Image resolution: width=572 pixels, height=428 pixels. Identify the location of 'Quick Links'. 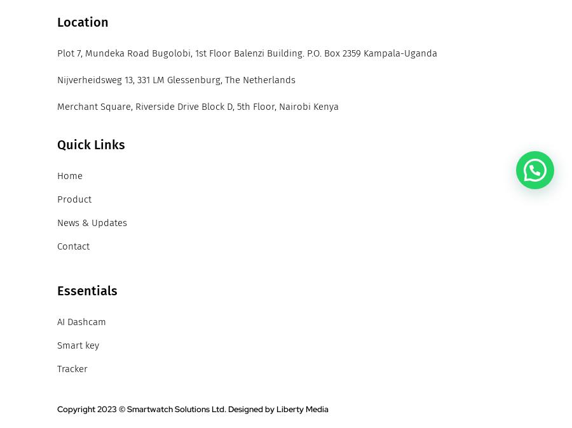
(57, 145).